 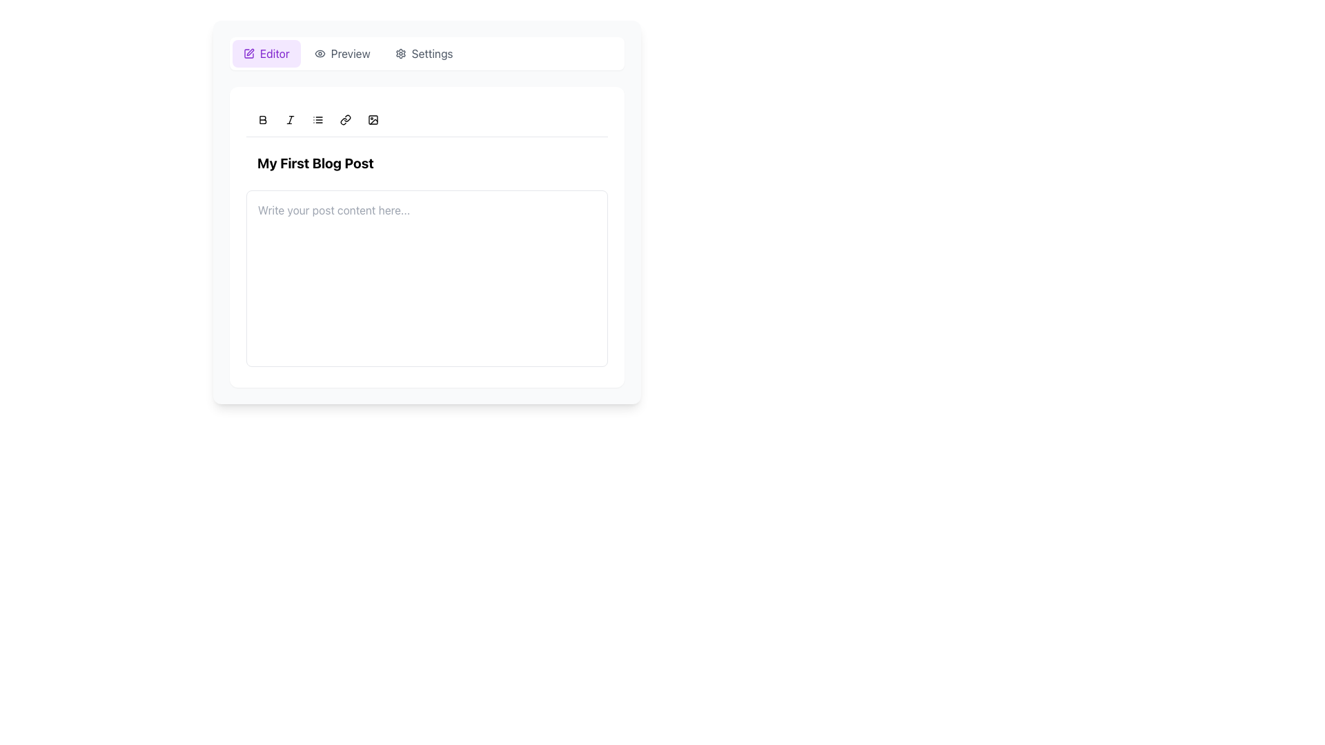 I want to click on the pen icon located within the 'Editor' button at the top left of the interface, positioned leftmost among its children, to trigger a tooltip or visual feedback, so click(x=248, y=52).